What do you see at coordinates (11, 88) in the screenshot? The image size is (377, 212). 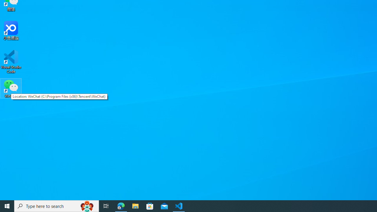 I see `'WeChat'` at bounding box center [11, 88].